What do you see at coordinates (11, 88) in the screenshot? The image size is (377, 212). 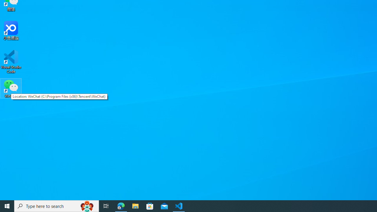 I see `'WeChat'` at bounding box center [11, 88].